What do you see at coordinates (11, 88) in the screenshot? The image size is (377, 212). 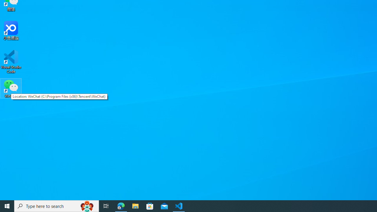 I see `'WeChat'` at bounding box center [11, 88].